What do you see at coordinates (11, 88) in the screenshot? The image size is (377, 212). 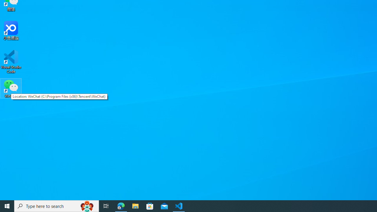 I see `'WeChat'` at bounding box center [11, 88].